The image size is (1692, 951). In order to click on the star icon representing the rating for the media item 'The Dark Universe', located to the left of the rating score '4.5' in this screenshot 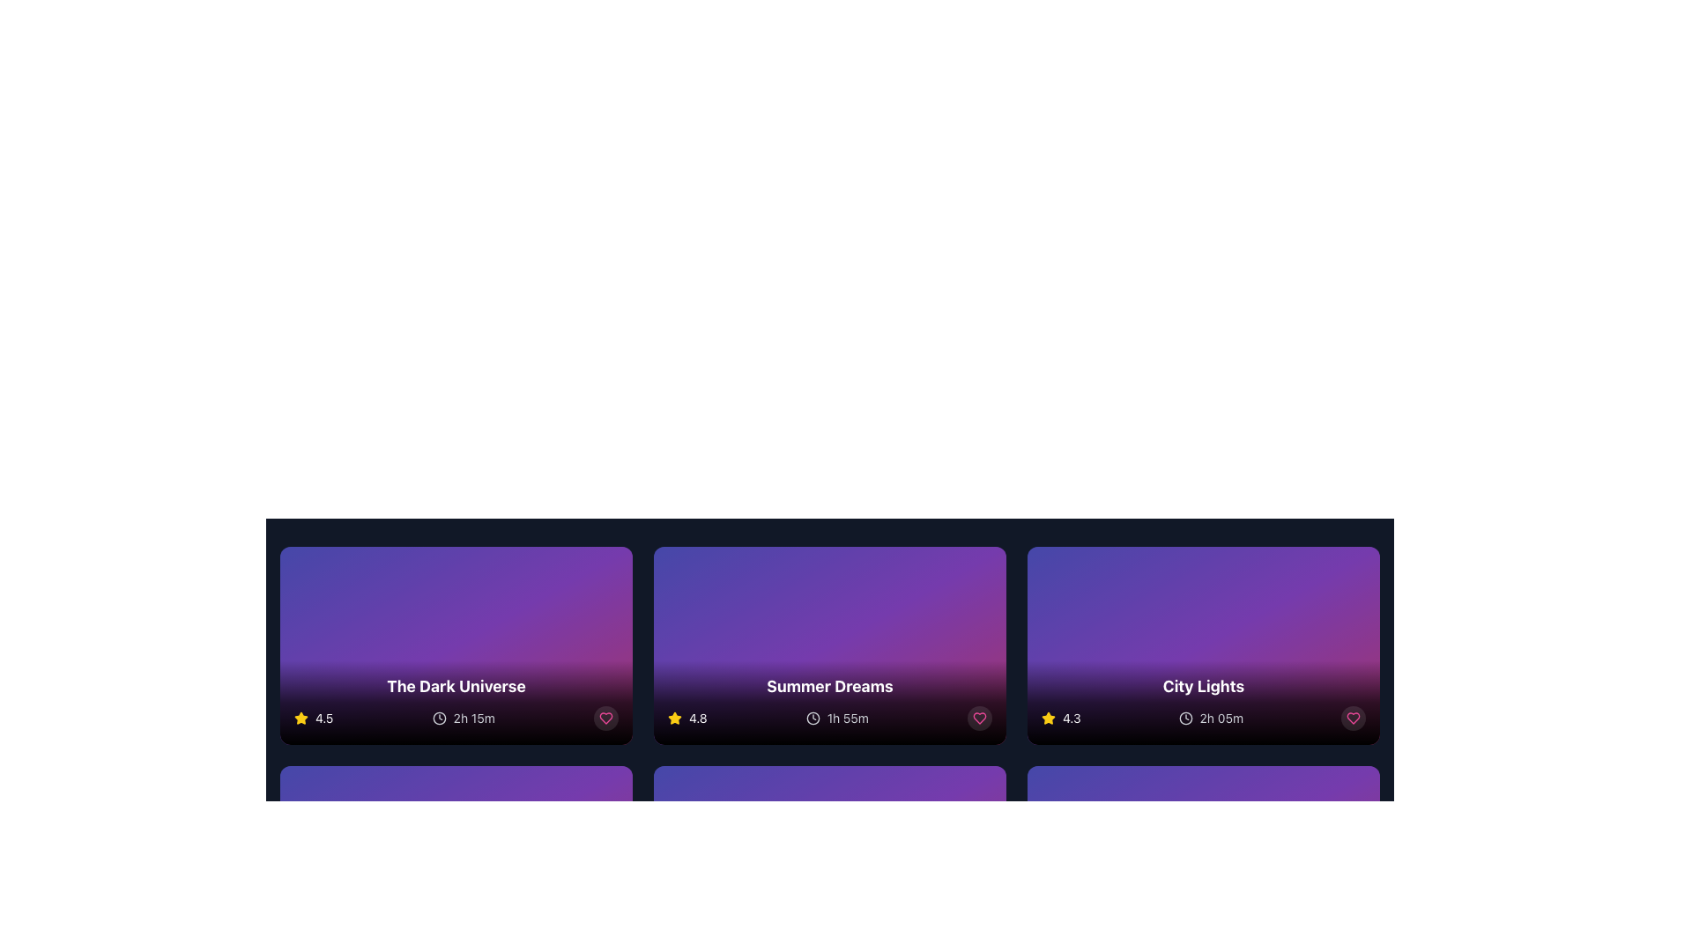, I will do `click(301, 718)`.